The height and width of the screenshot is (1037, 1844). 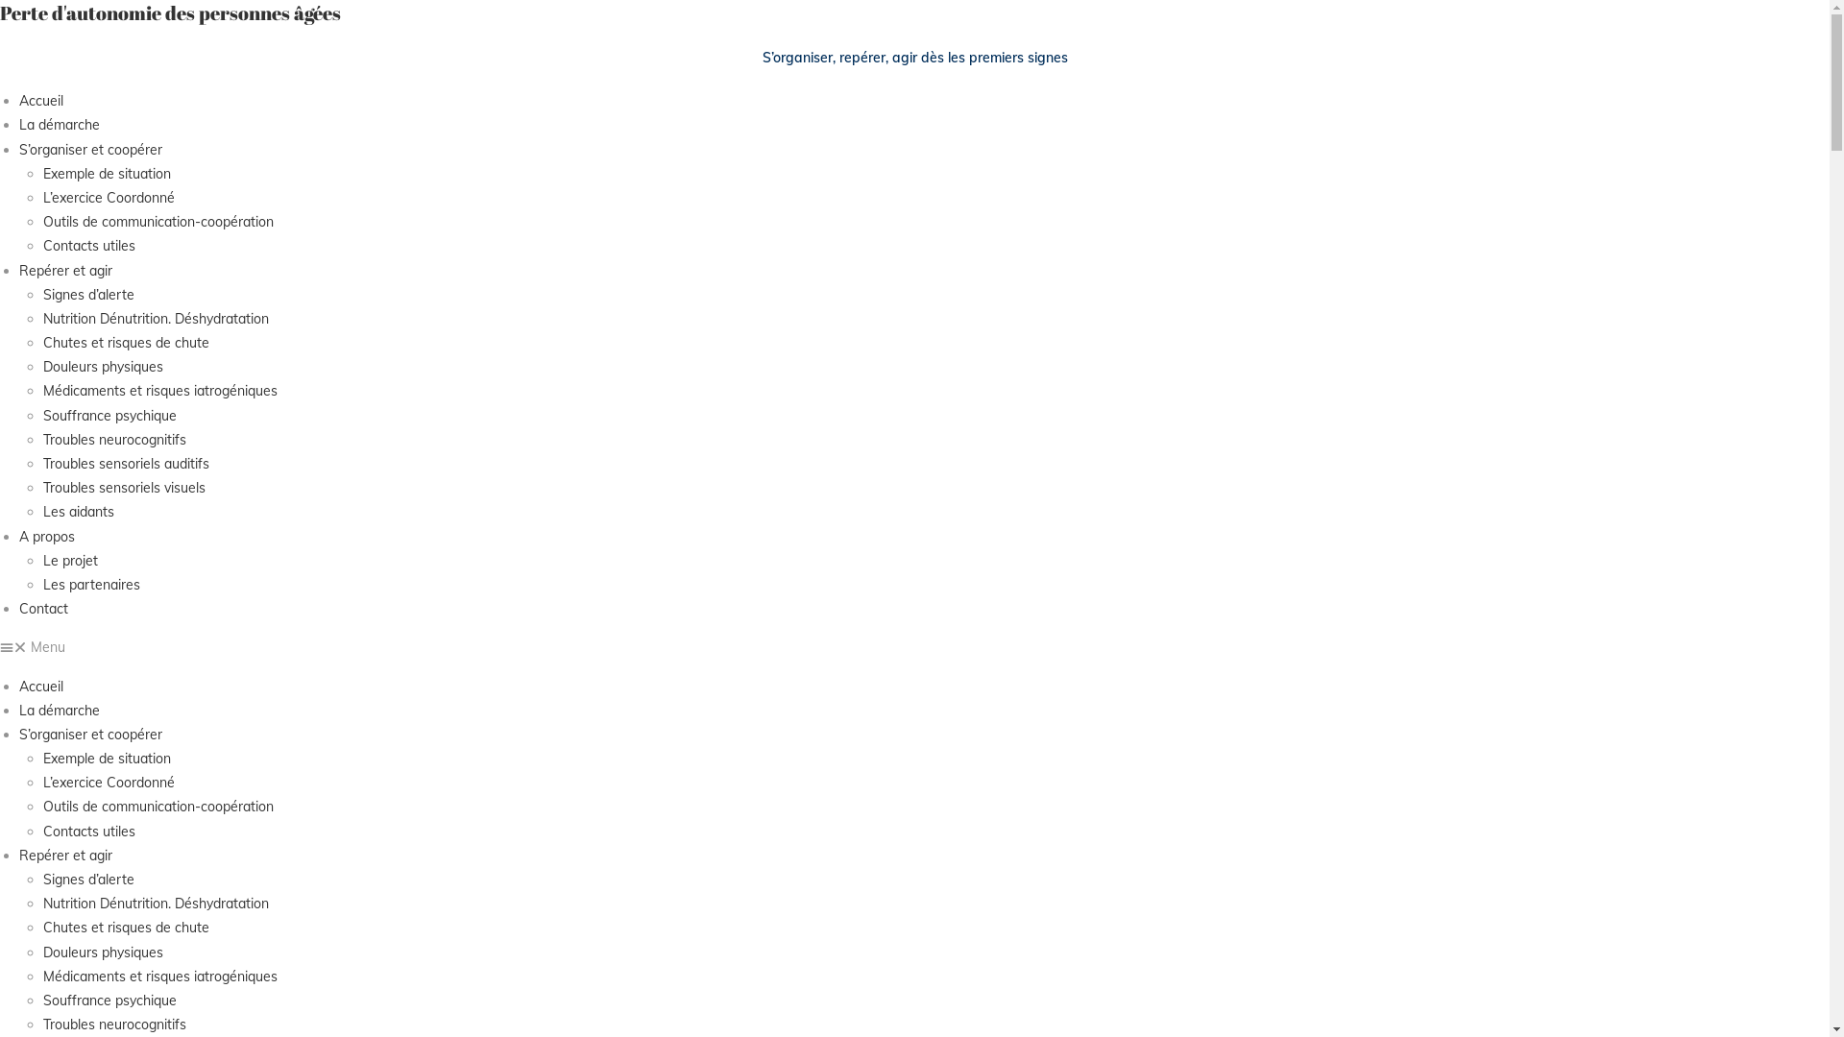 I want to click on 'Troubles sensoriels visuels', so click(x=123, y=487).